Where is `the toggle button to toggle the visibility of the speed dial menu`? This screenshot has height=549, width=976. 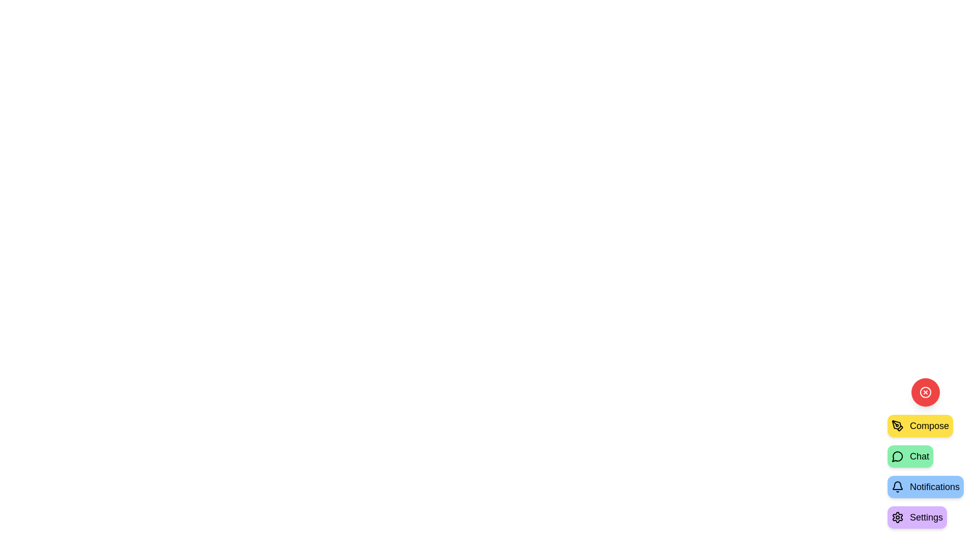 the toggle button to toggle the visibility of the speed dial menu is located at coordinates (925, 391).